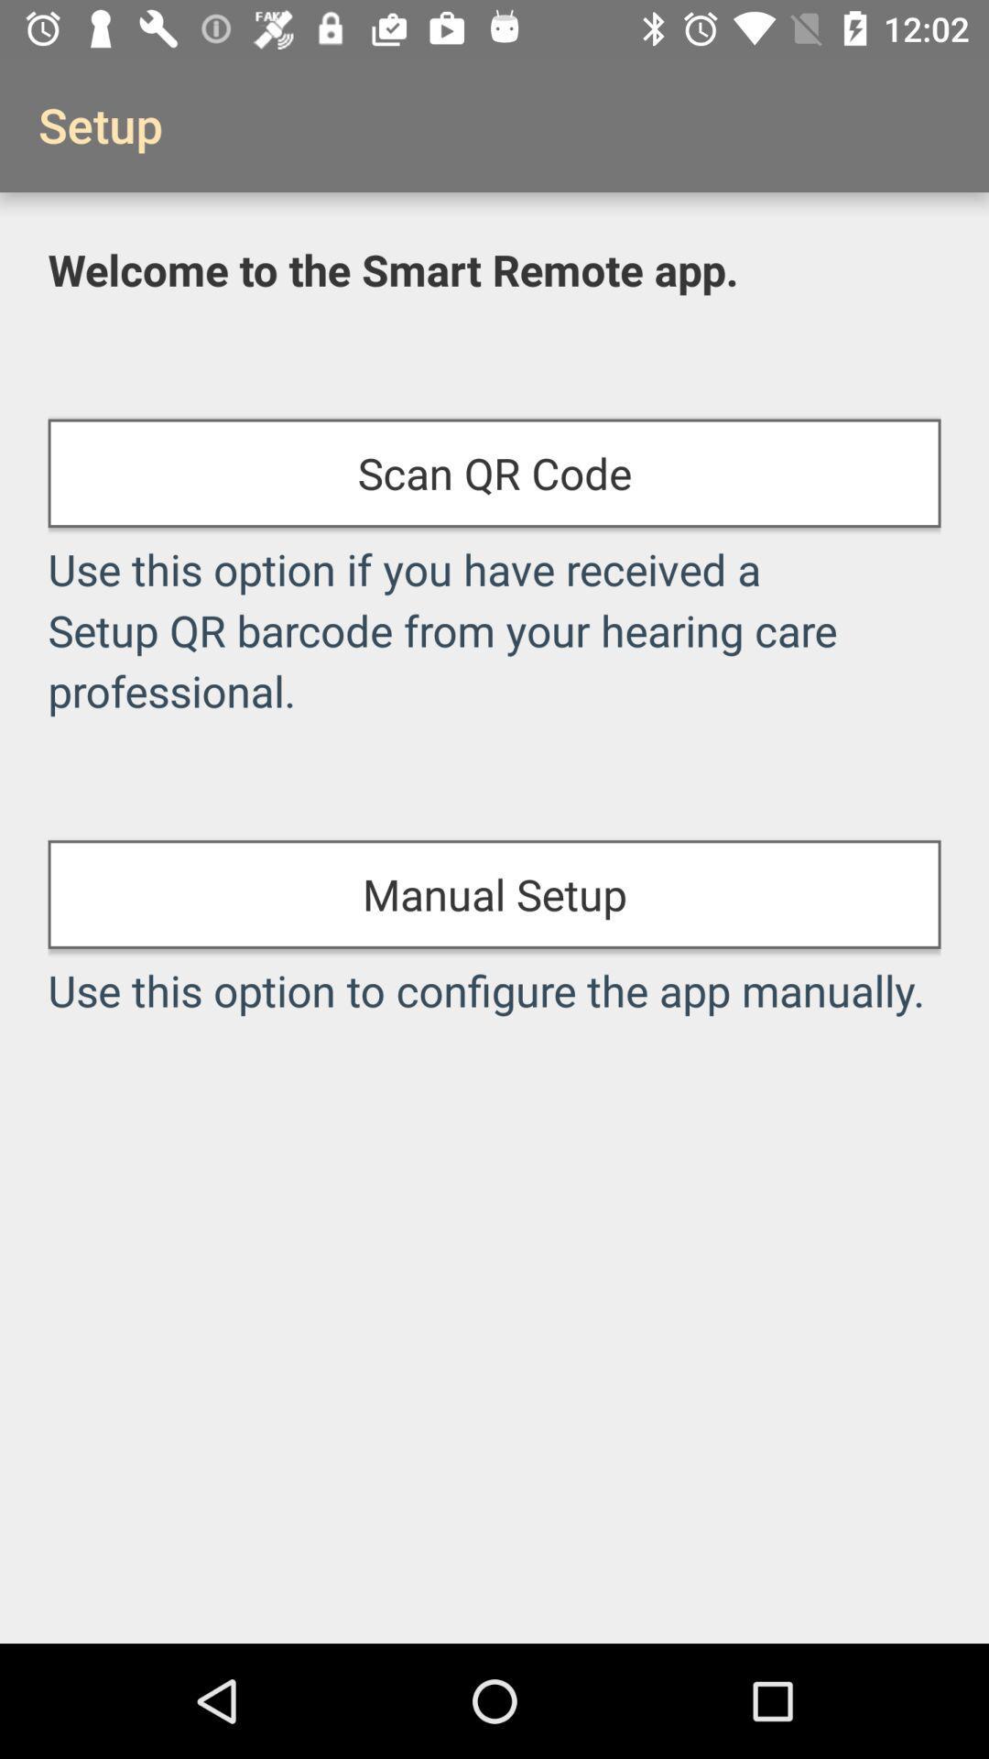 The image size is (989, 1759). I want to click on the icon below welcome to the item, so click(494, 473).